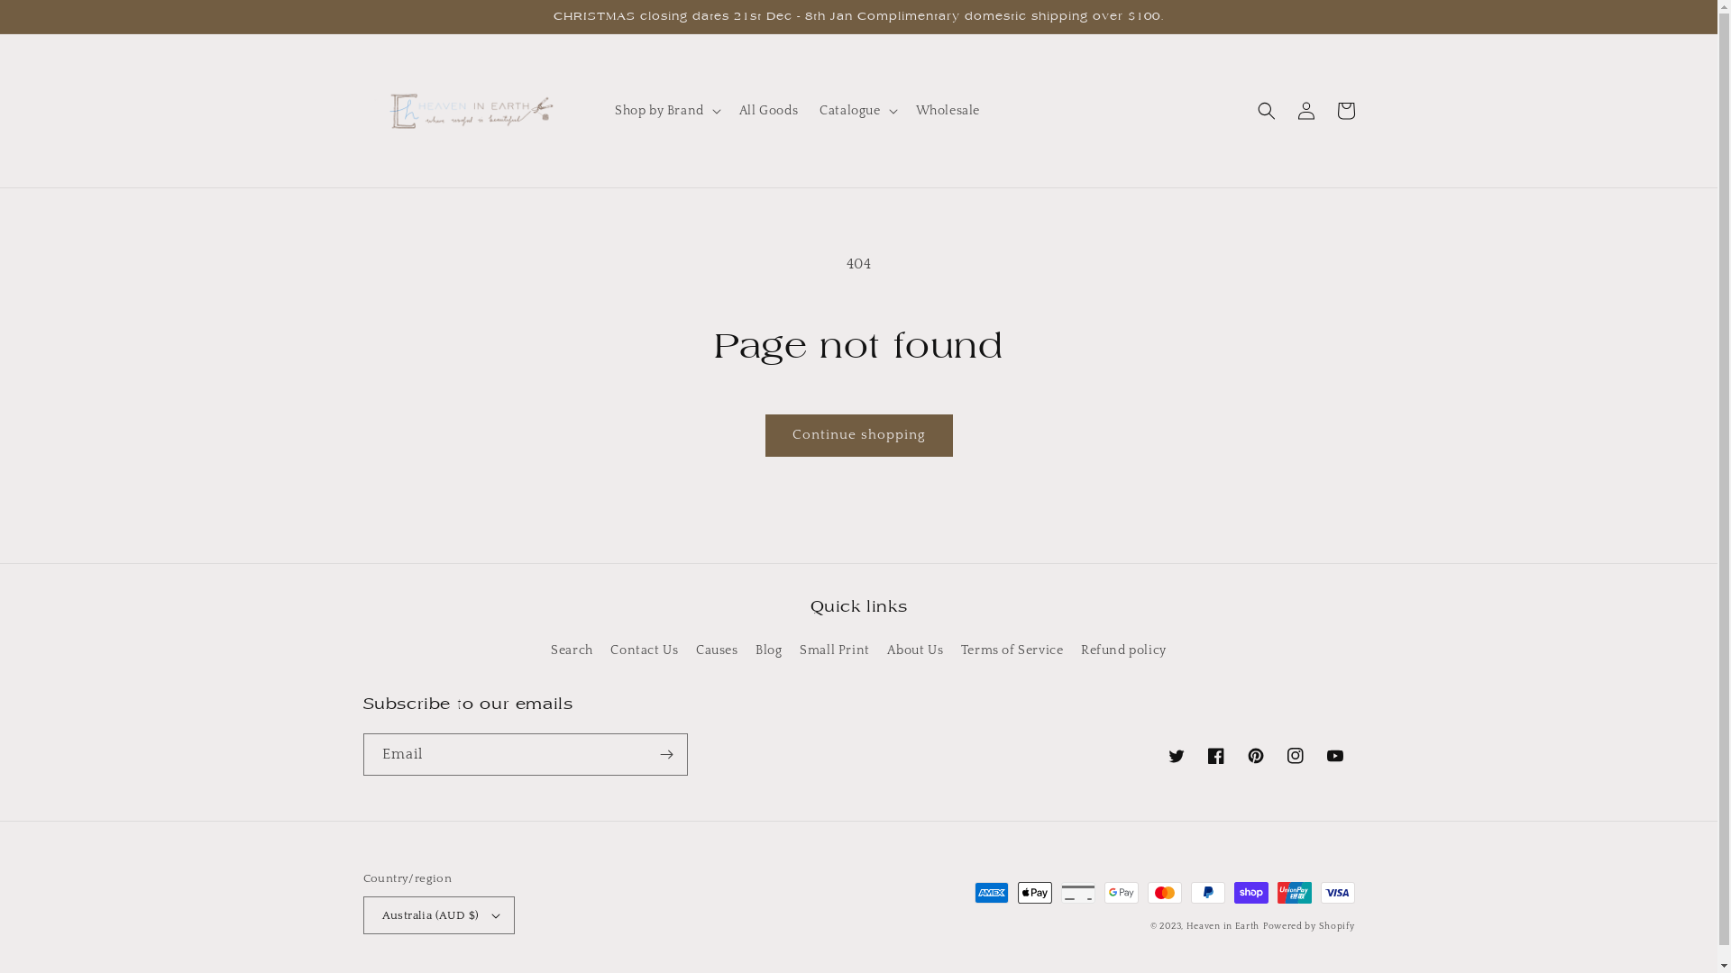 Image resolution: width=1731 pixels, height=973 pixels. I want to click on 'Contact Us', so click(644, 650).